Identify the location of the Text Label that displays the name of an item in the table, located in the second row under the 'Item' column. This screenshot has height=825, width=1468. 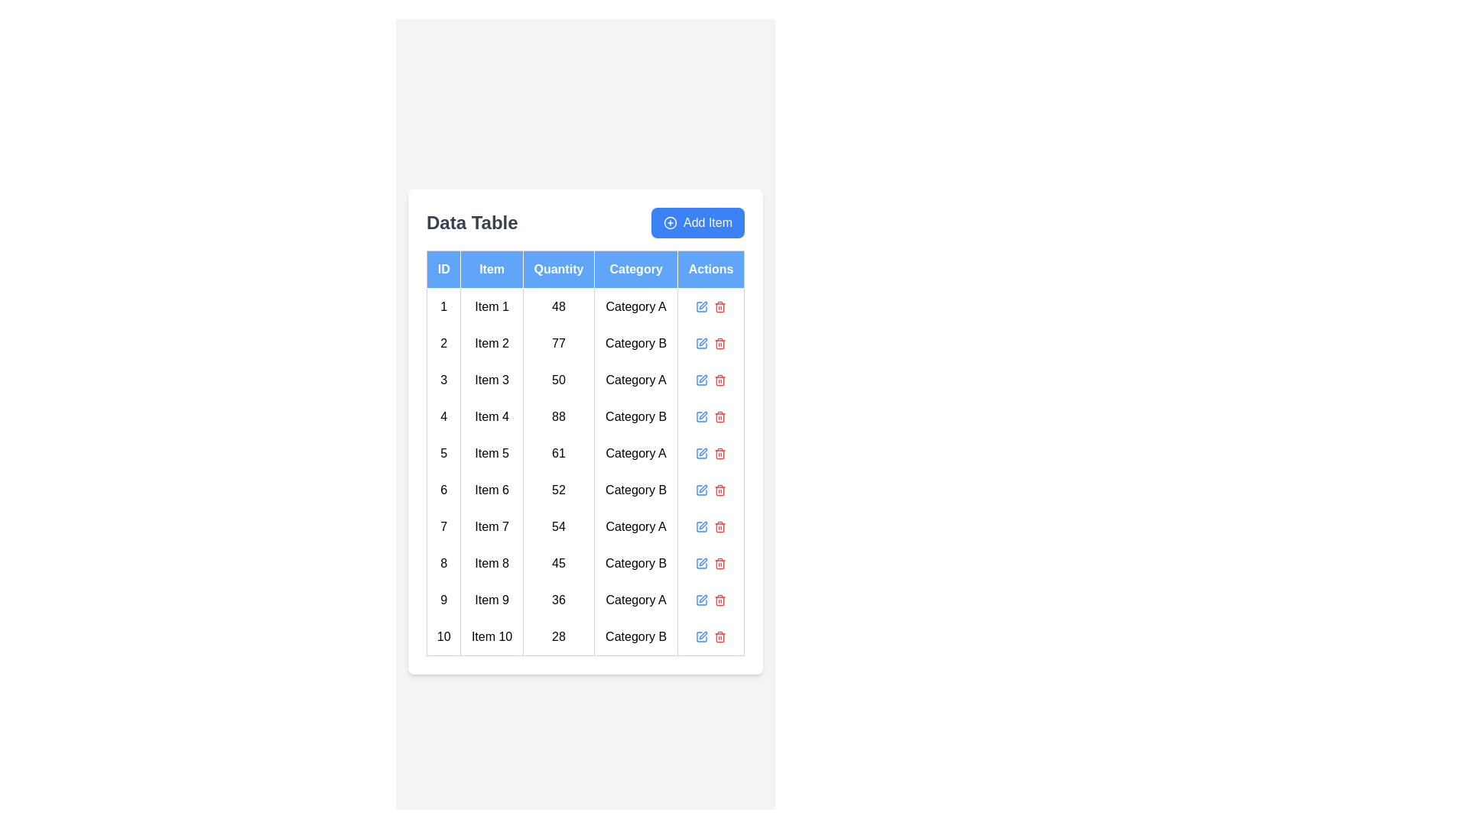
(492, 342).